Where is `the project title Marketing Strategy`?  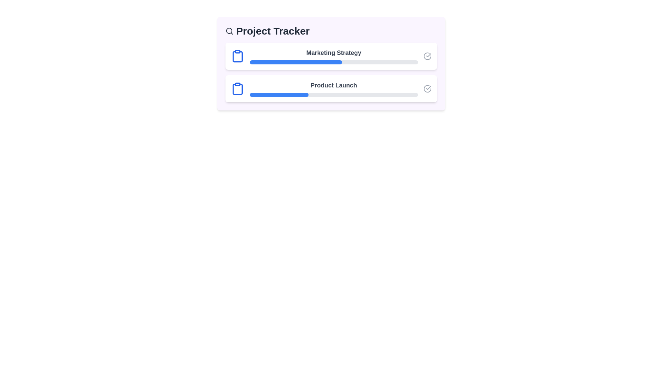 the project title Marketing Strategy is located at coordinates (331, 56).